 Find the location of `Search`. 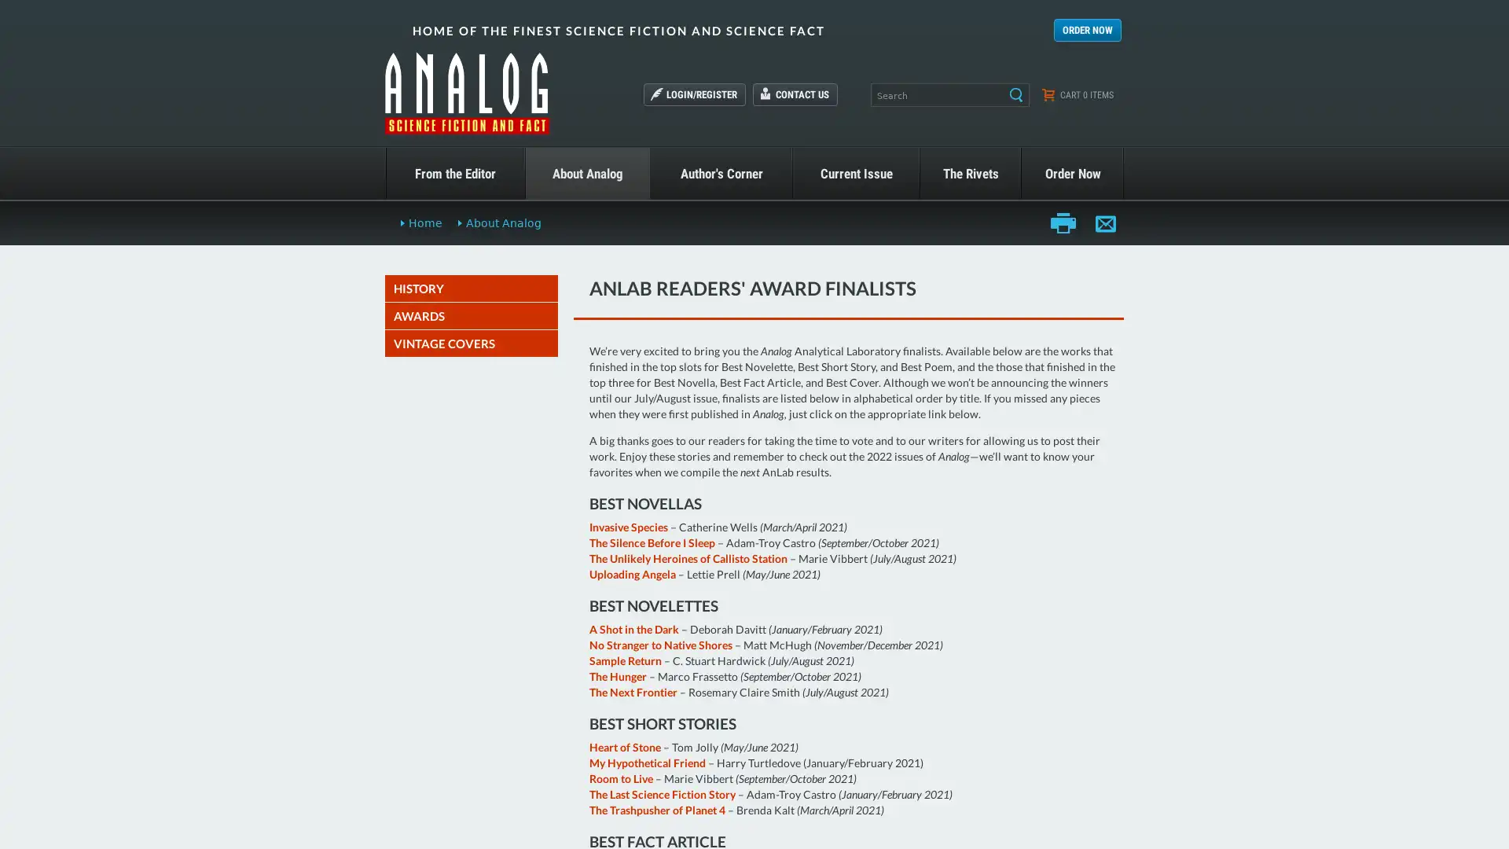

Search is located at coordinates (1015, 94).